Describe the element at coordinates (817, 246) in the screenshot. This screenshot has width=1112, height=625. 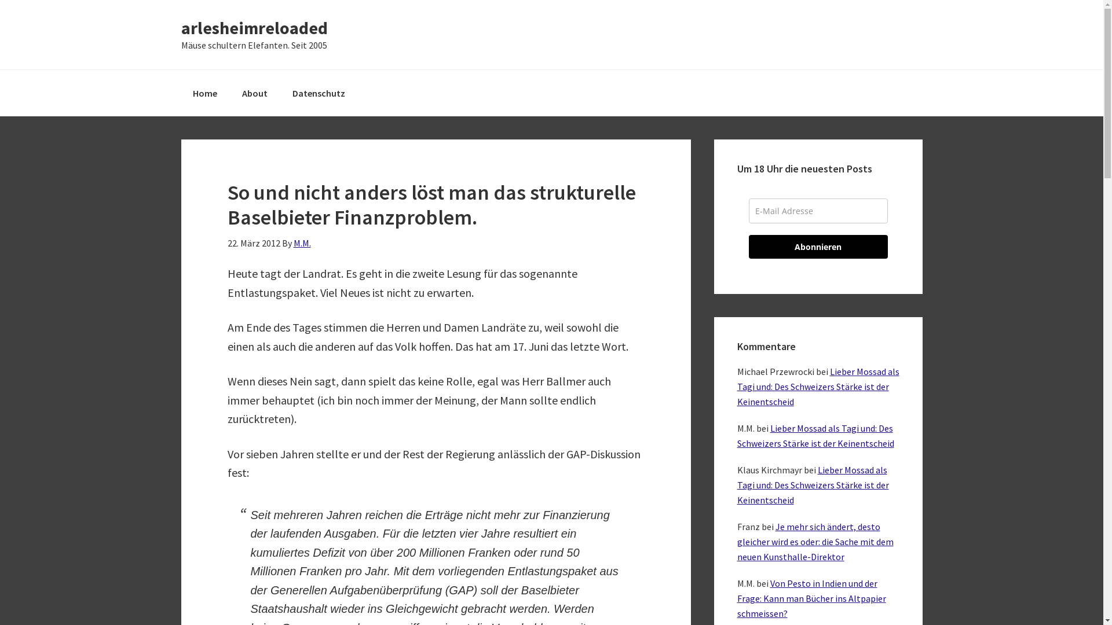
I see `'Abonnieren'` at that location.